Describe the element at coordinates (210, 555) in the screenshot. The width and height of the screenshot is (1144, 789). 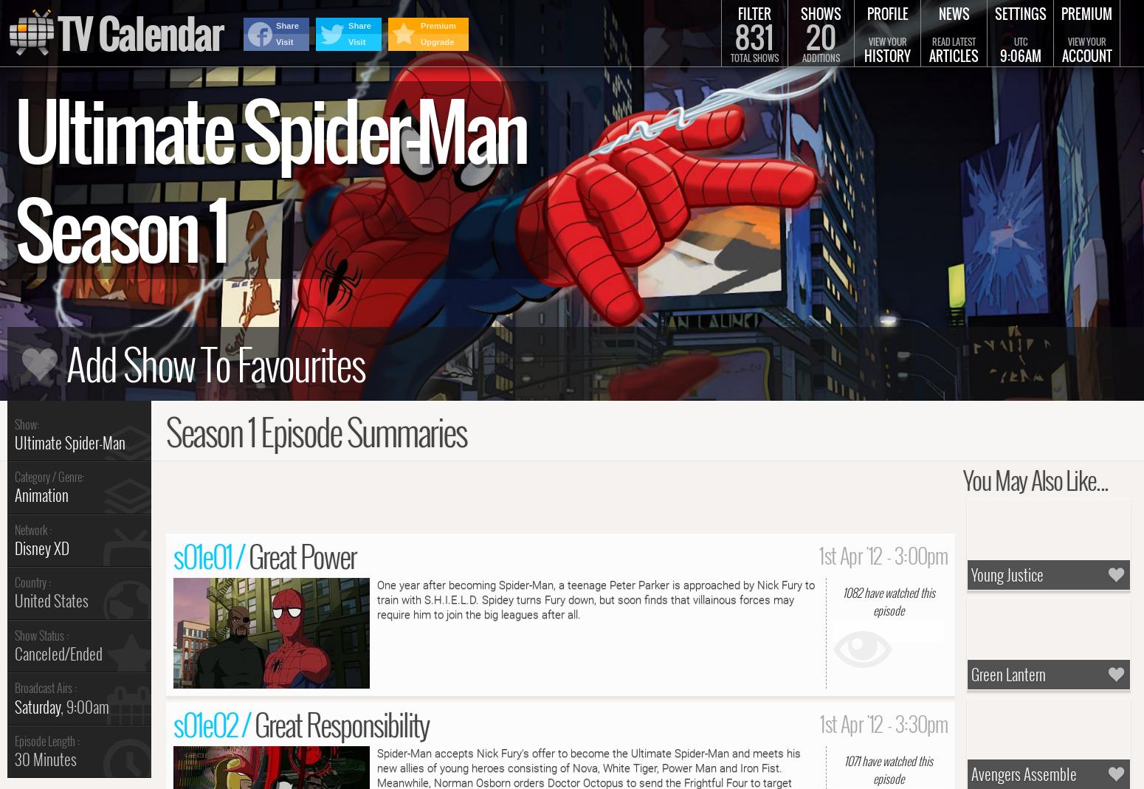
I see `'s01e01 /'` at that location.